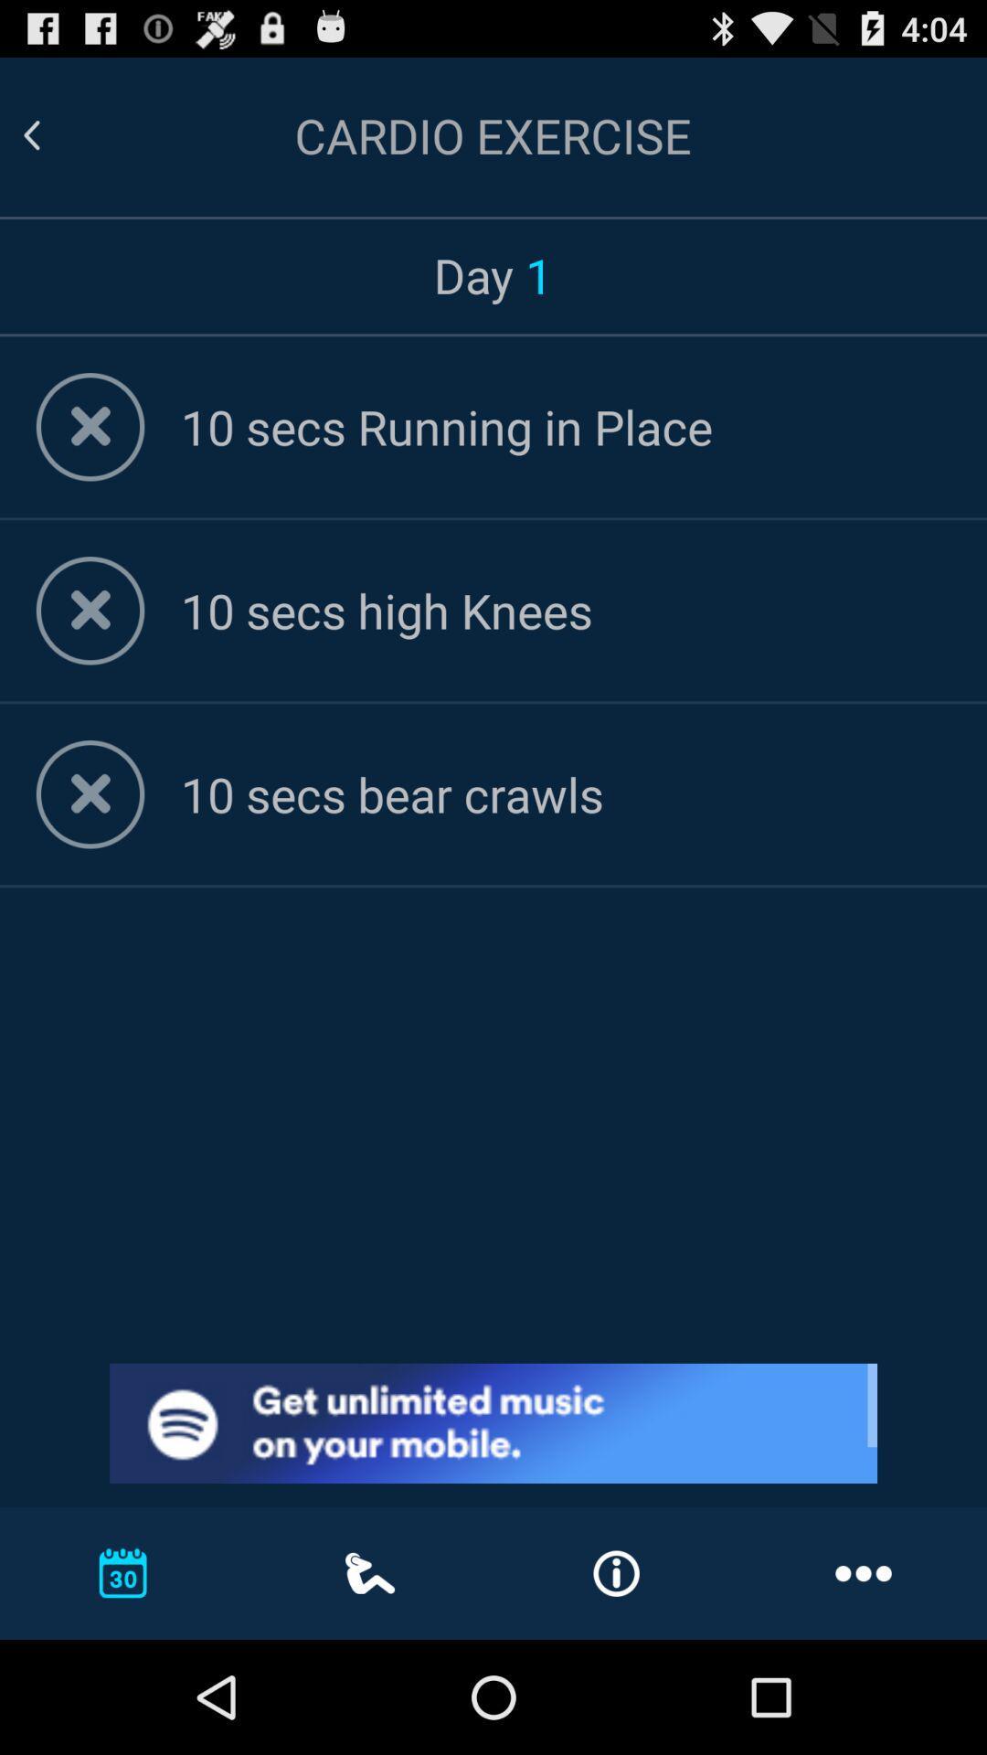  Describe the element at coordinates (564, 425) in the screenshot. I see `the option 10 secs running in place` at that location.